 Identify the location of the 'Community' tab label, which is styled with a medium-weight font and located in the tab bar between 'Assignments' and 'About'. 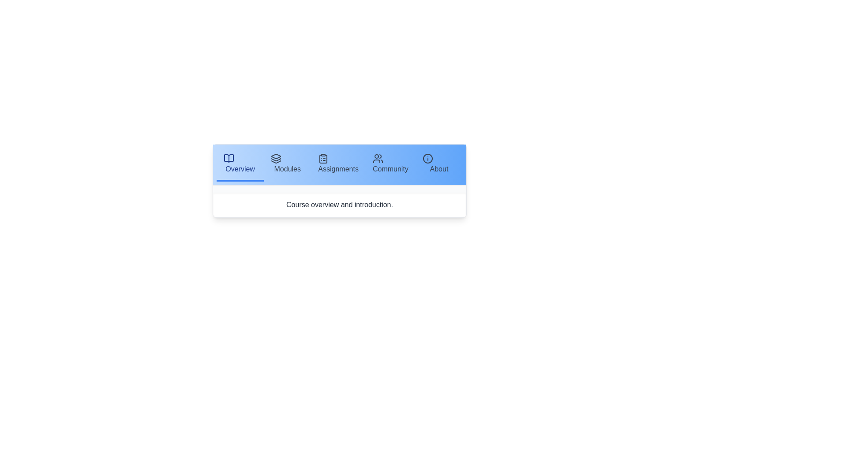
(390, 169).